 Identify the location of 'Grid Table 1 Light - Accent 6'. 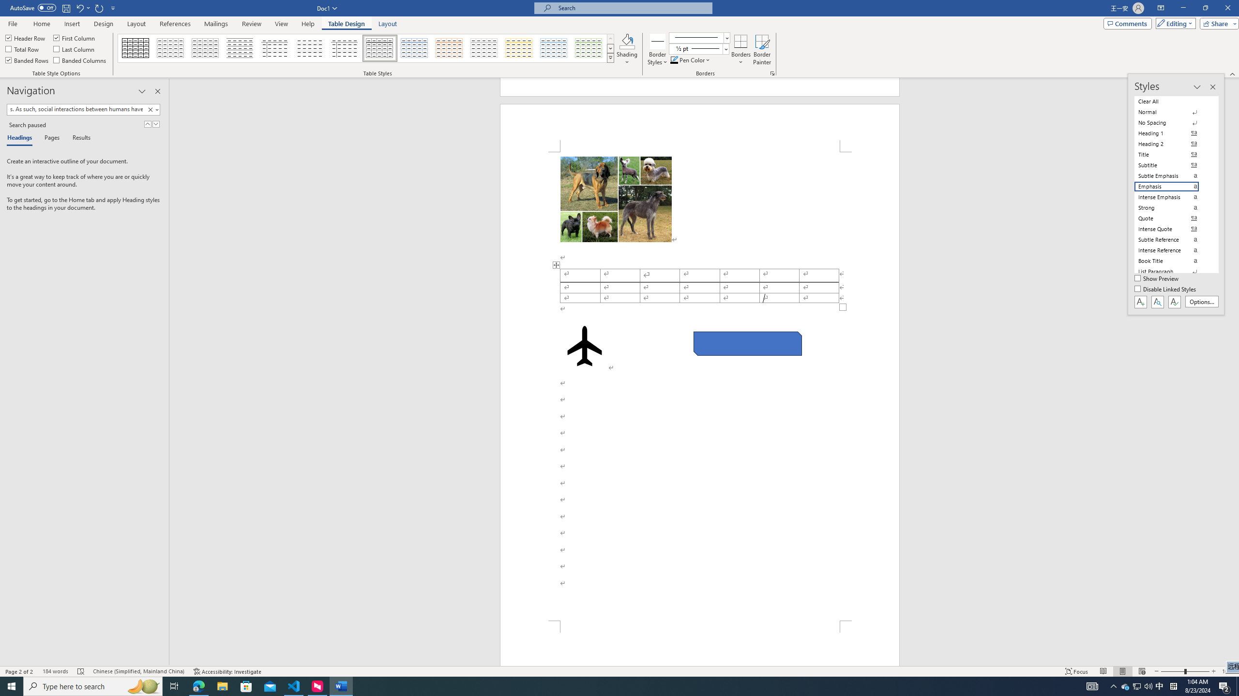
(588, 48).